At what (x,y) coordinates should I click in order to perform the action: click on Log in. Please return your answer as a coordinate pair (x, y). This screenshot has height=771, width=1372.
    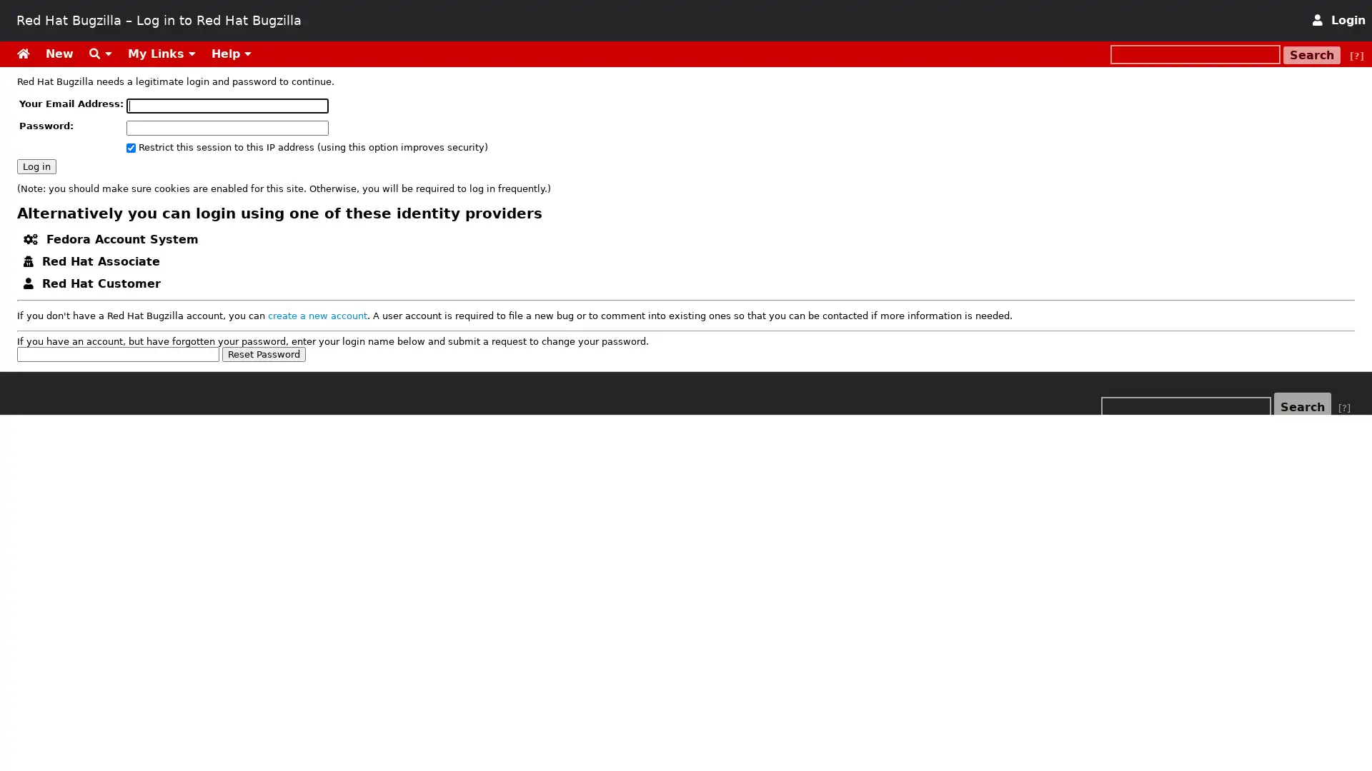
    Looking at the image, I should click on (36, 165).